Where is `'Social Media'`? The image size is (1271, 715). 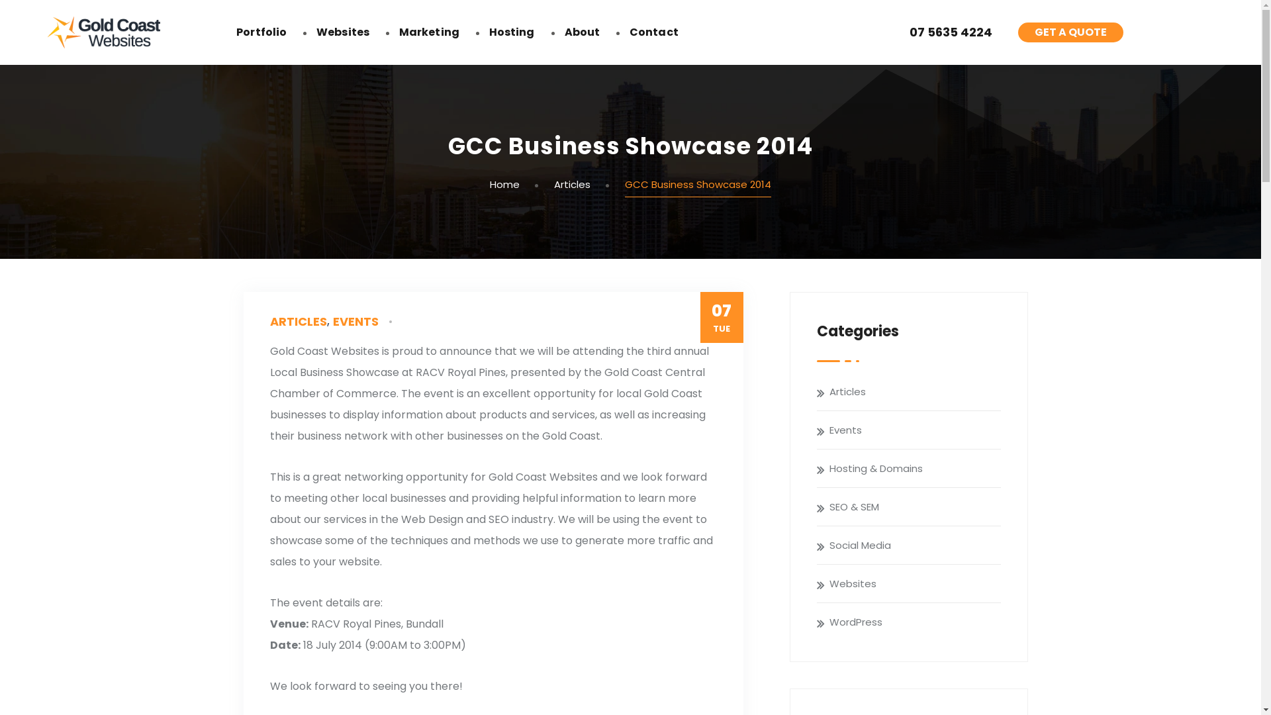
'Social Media' is located at coordinates (914, 545).